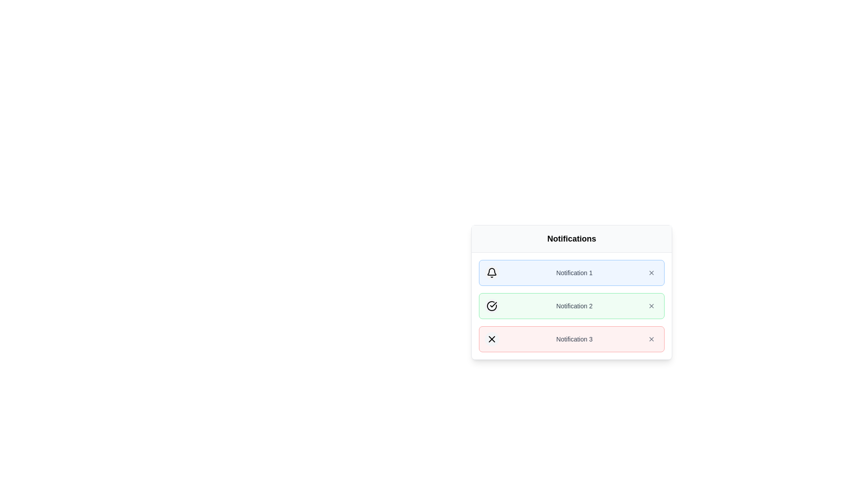  What do you see at coordinates (652, 339) in the screenshot?
I see `the small, outlined 'X' icon in the notification list's second entry` at bounding box center [652, 339].